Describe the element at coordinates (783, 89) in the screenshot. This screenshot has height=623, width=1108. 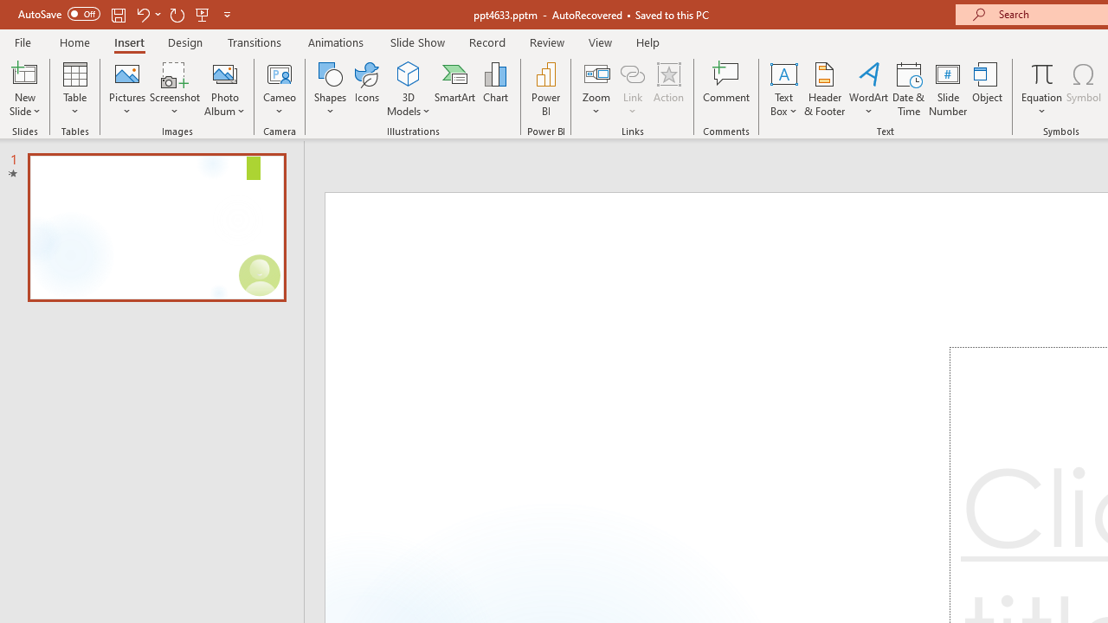
I see `'Text Box'` at that location.